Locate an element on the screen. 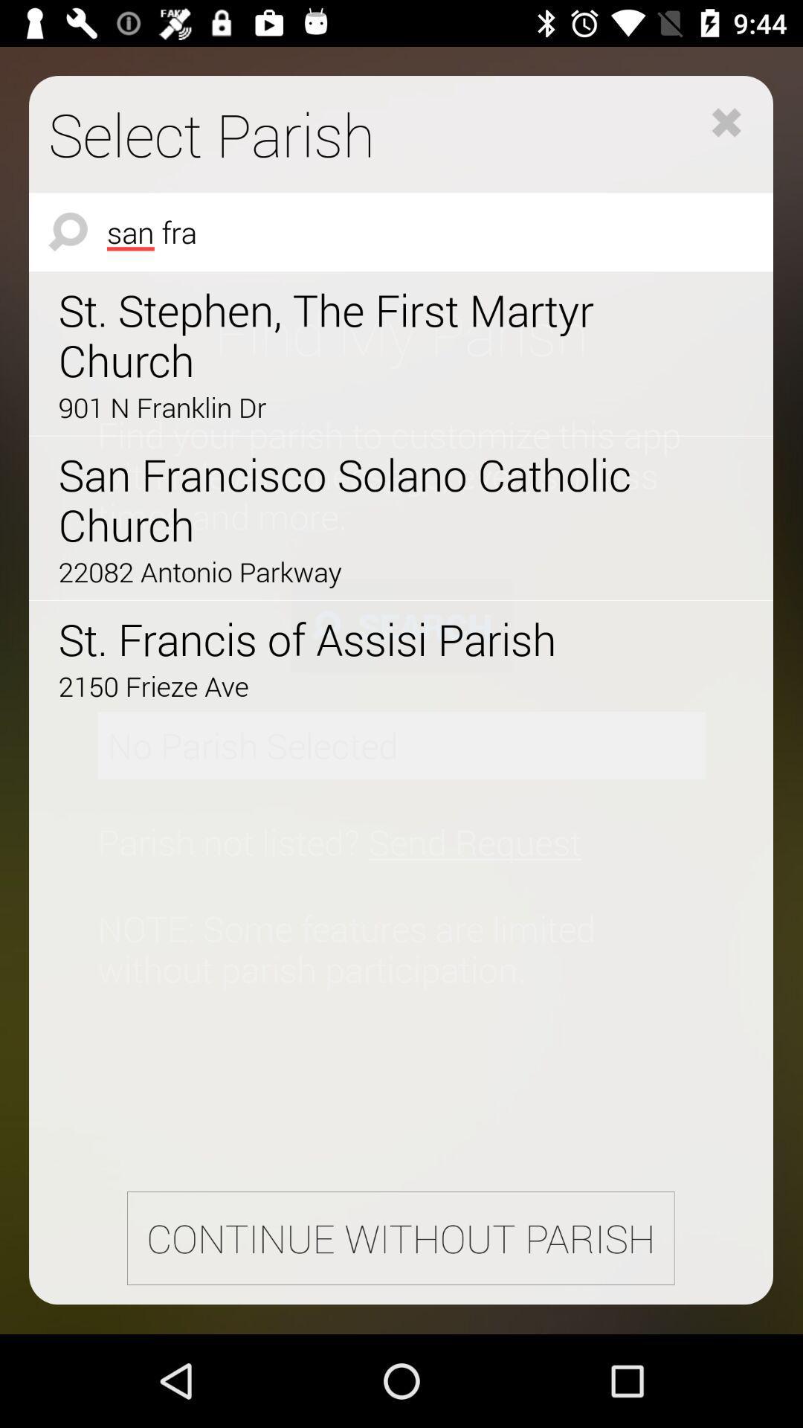 Image resolution: width=803 pixels, height=1428 pixels. the icon below the 901 n franklin is located at coordinates (359, 500).